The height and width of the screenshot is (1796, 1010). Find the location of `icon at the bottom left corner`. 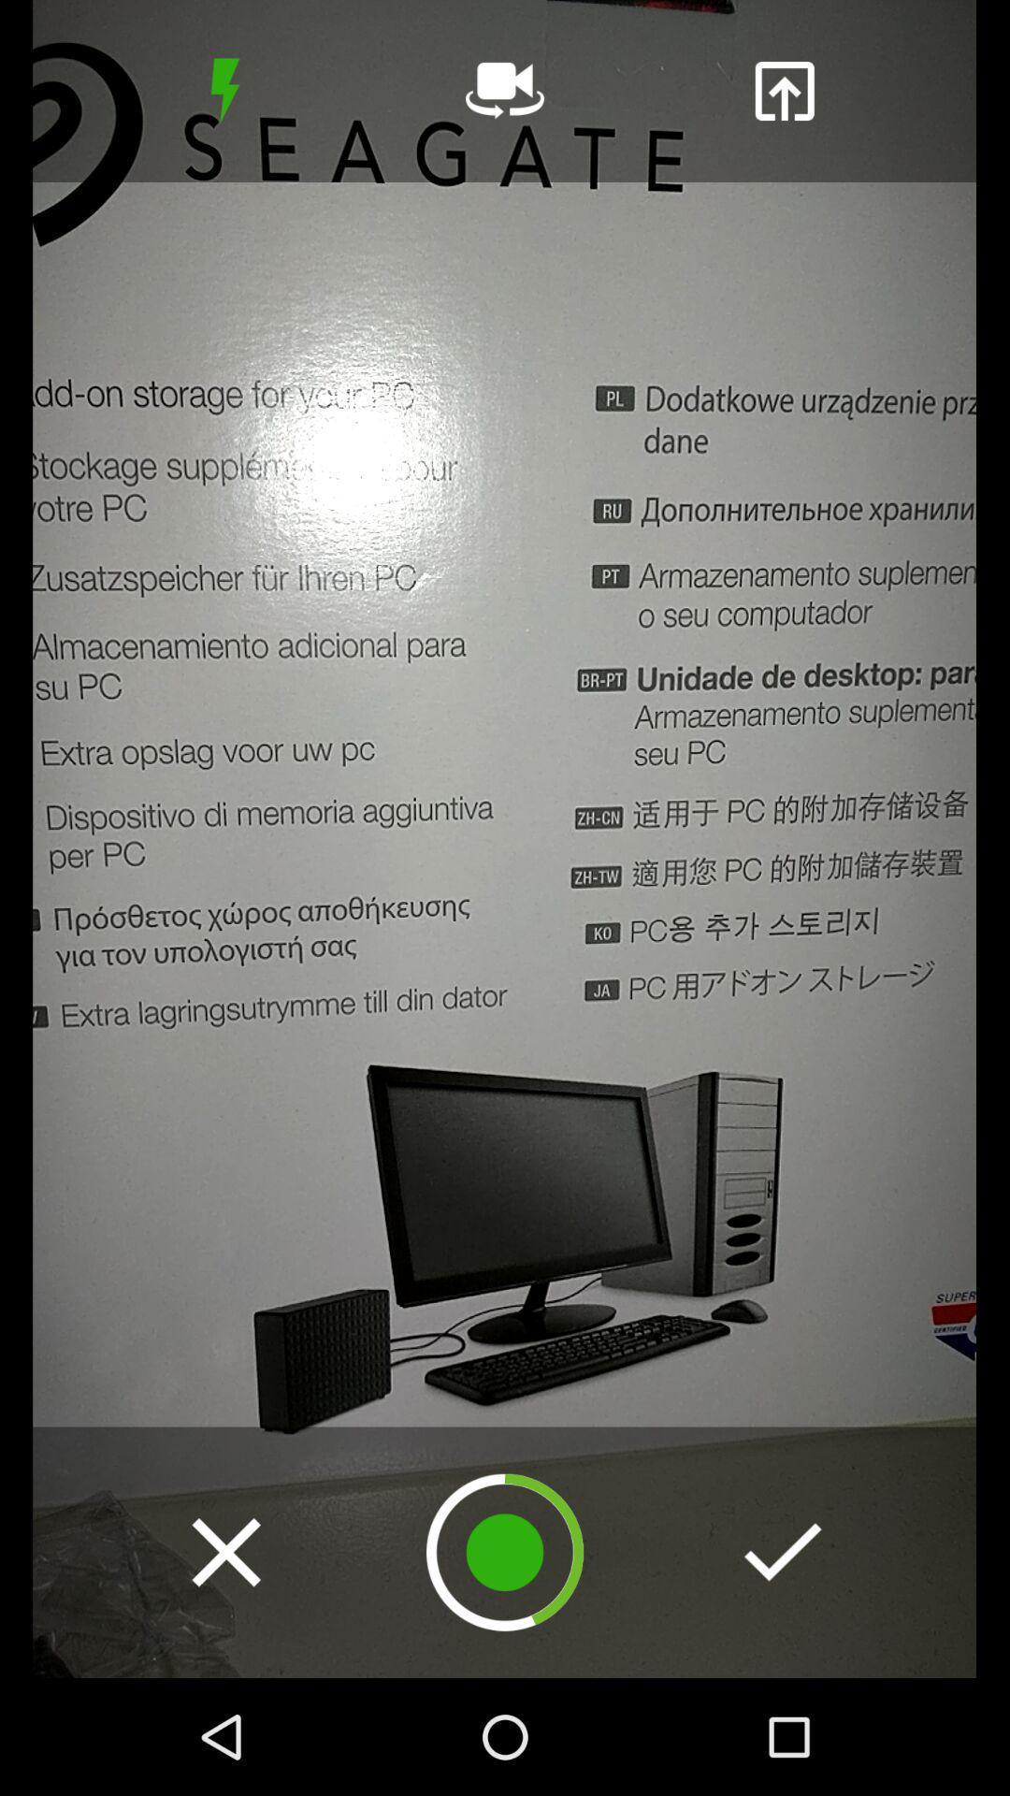

icon at the bottom left corner is located at coordinates (225, 1552).